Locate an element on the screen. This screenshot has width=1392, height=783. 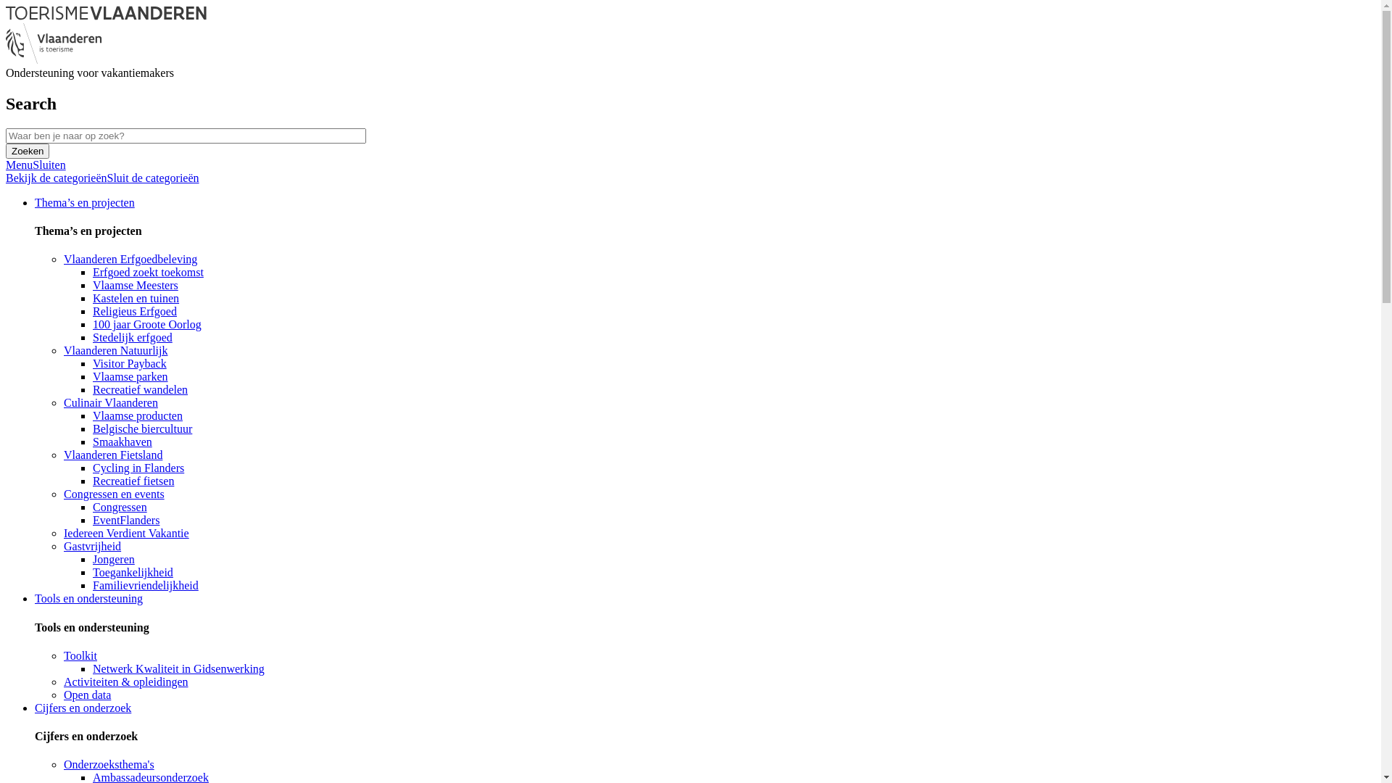
'Congressen' is located at coordinates (92, 506).